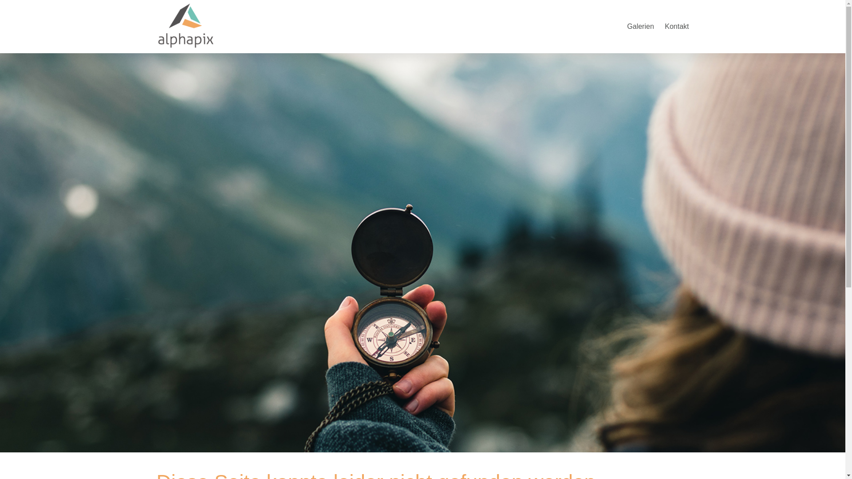 The image size is (852, 479). Describe the element at coordinates (156, 24) in the screenshot. I see `'Home'` at that location.